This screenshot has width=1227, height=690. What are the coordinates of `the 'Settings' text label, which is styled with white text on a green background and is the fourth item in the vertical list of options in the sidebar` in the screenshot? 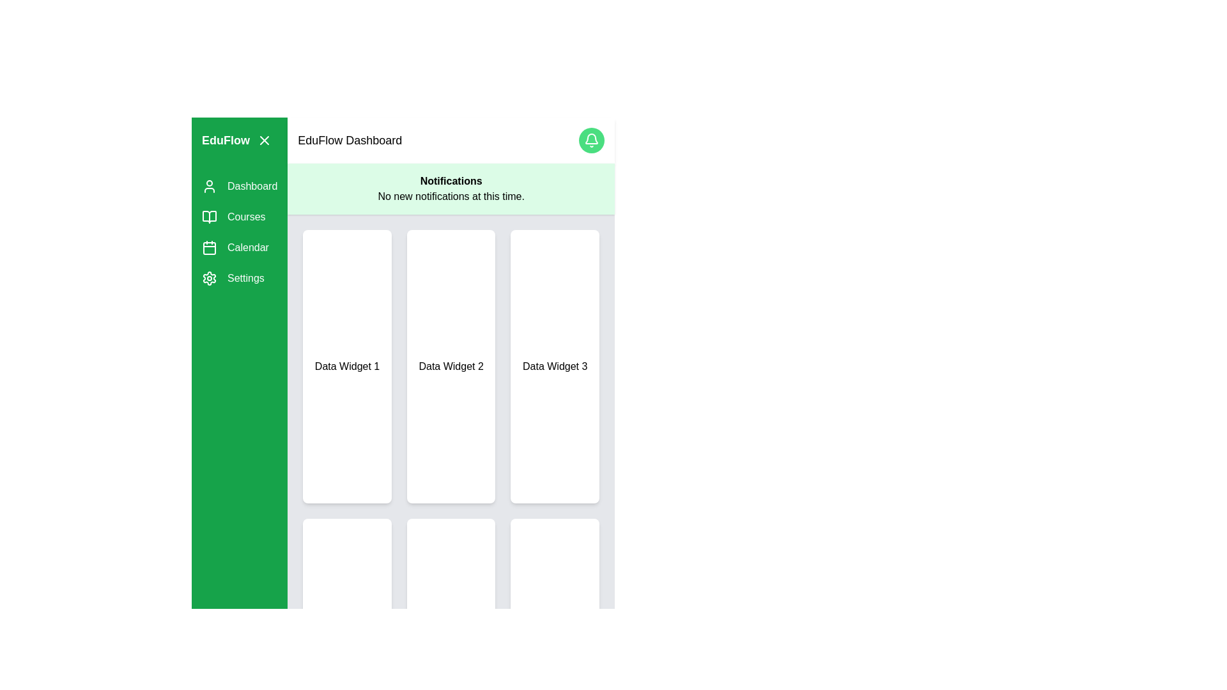 It's located at (245, 277).